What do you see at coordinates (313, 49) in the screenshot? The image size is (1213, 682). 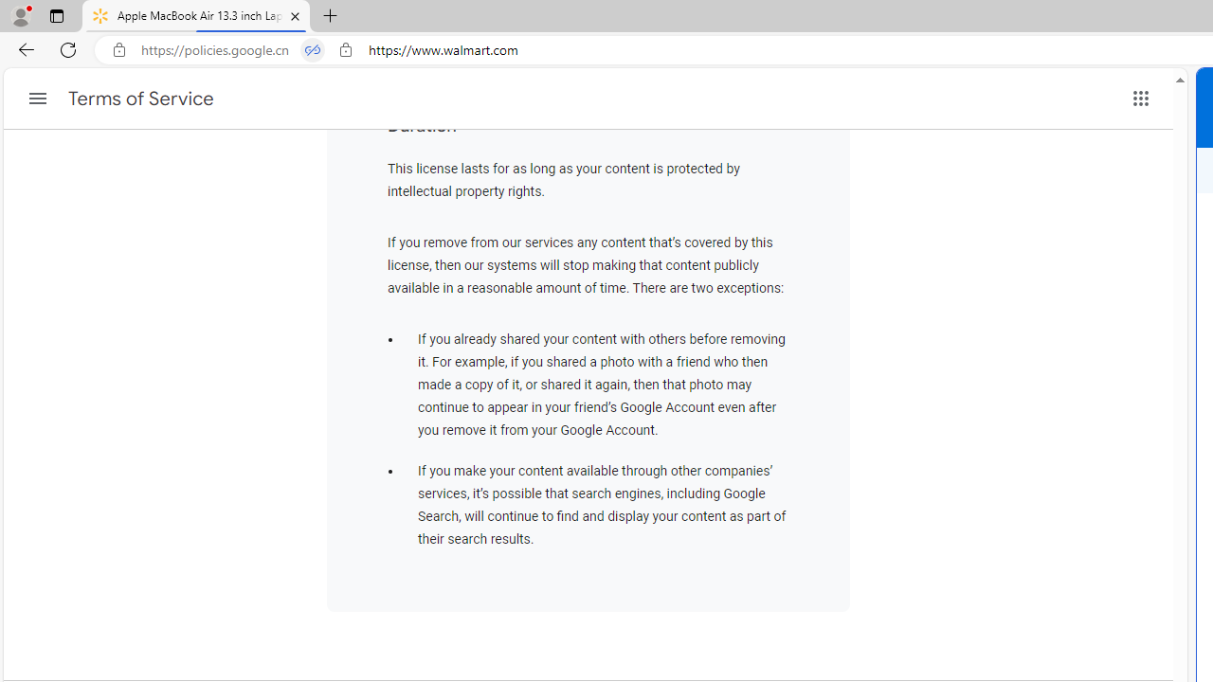 I see `'Tabs in split screen'` at bounding box center [313, 49].